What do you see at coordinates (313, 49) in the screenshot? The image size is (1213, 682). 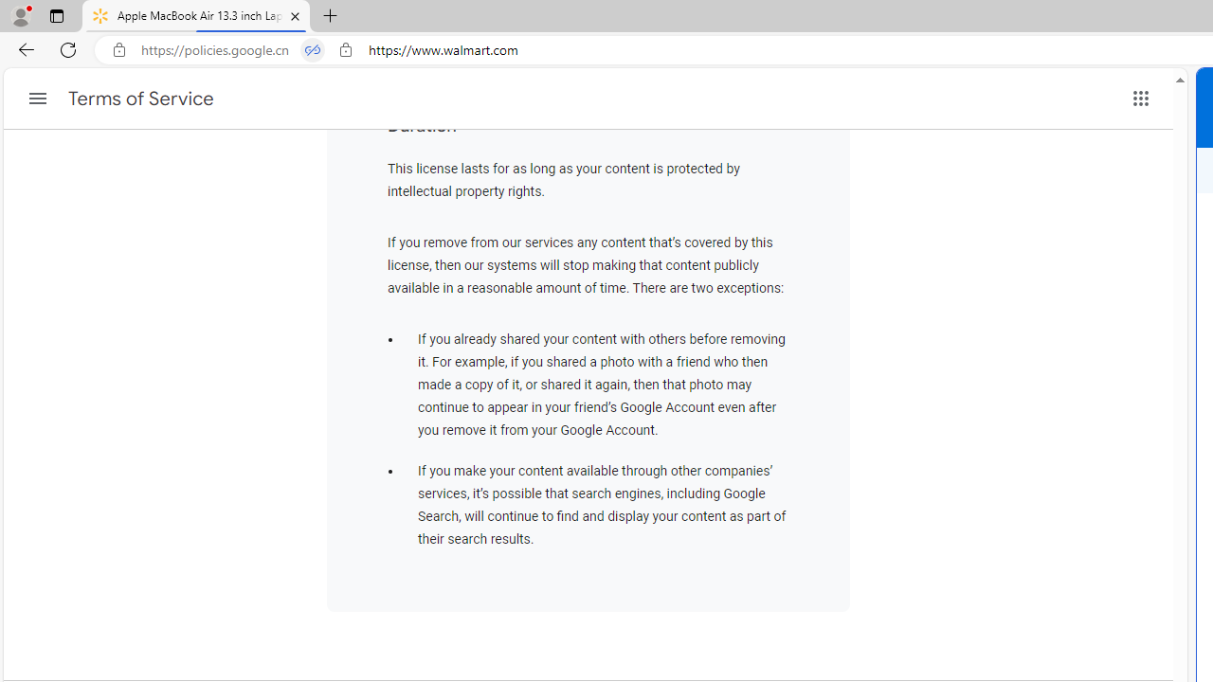 I see `'Tabs in split screen'` at bounding box center [313, 49].